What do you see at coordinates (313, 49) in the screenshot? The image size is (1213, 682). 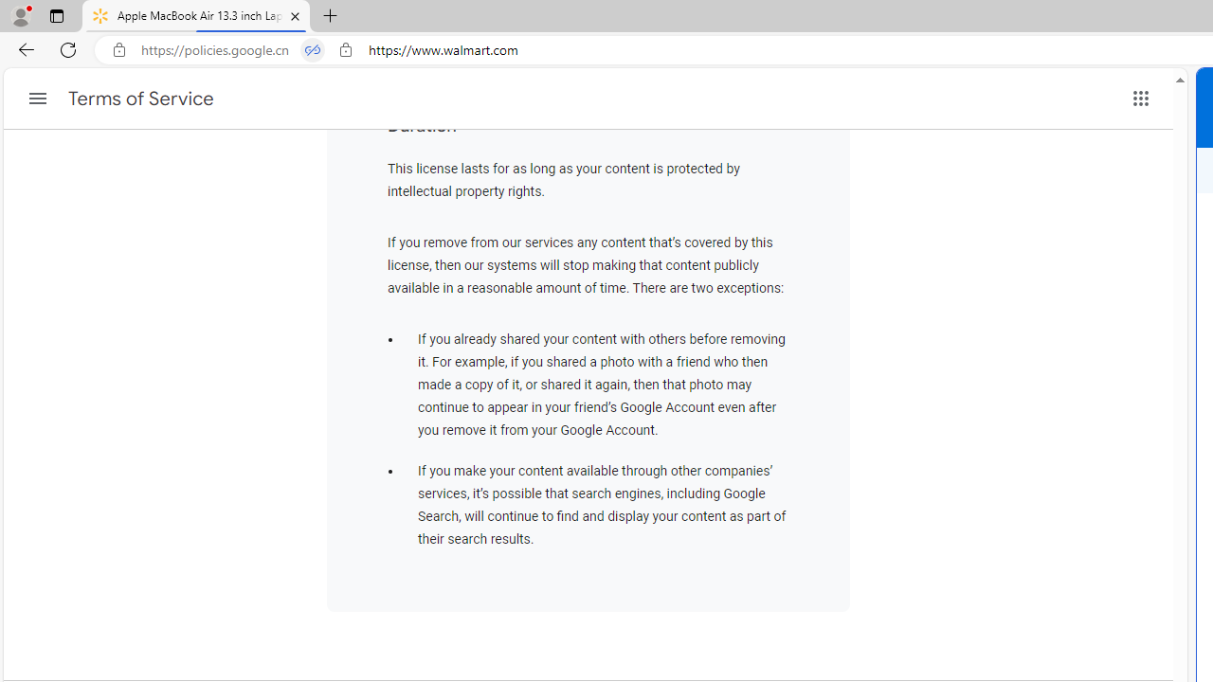 I see `'Tabs in split screen'` at bounding box center [313, 49].